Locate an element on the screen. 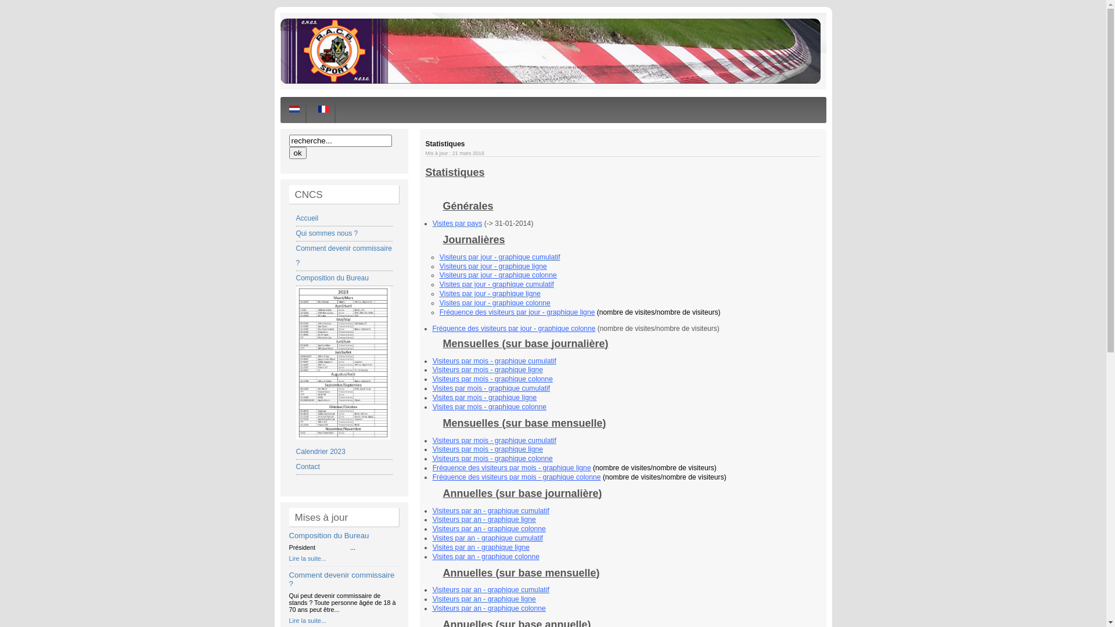  'Visites par an - graphique colonne' is located at coordinates (431, 556).